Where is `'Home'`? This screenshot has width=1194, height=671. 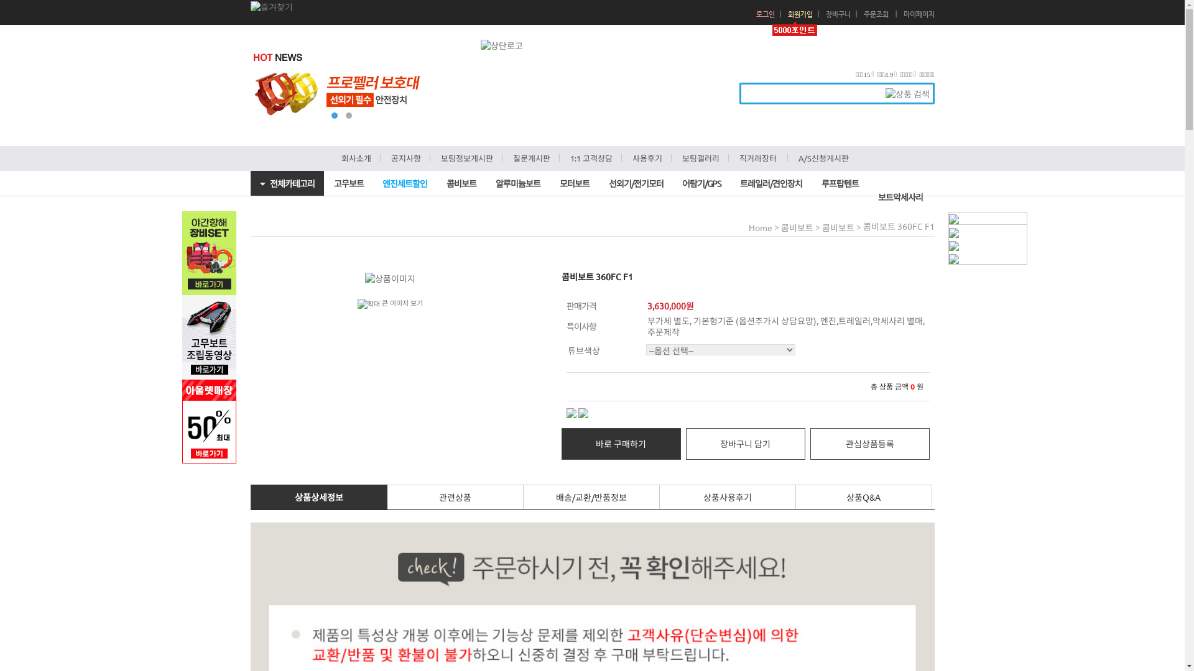
'Home' is located at coordinates (748, 227).